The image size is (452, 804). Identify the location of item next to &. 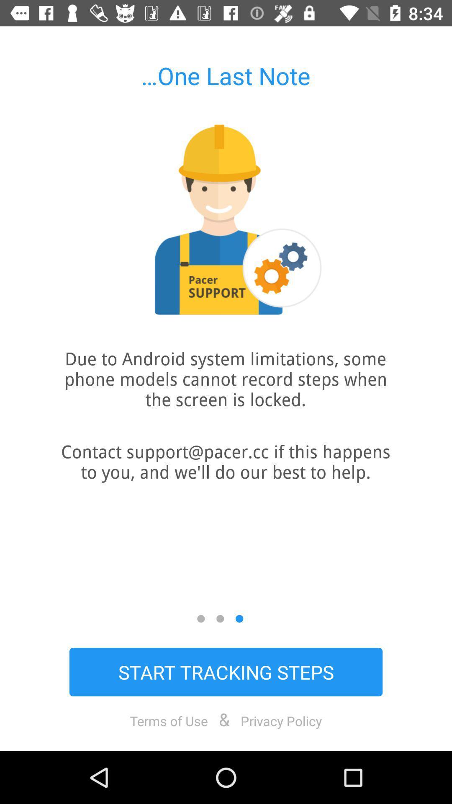
(169, 720).